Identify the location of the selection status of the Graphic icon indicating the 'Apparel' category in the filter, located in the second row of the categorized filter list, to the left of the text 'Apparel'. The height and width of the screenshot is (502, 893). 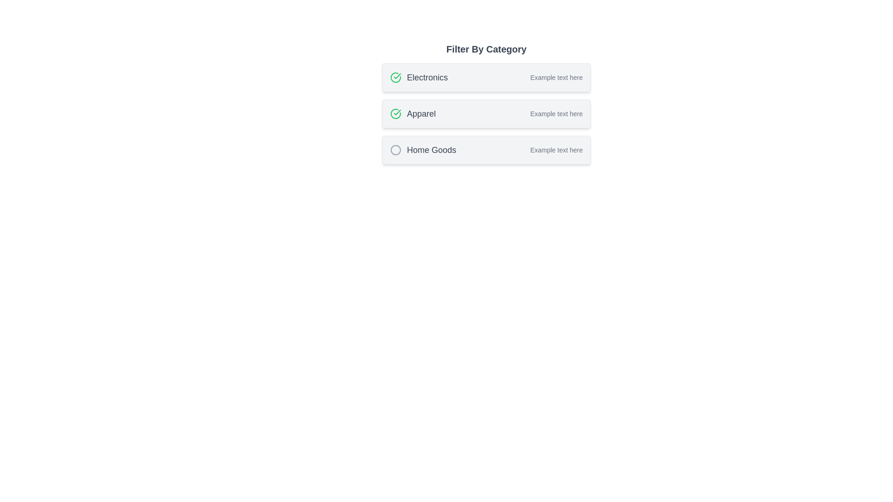
(395, 77).